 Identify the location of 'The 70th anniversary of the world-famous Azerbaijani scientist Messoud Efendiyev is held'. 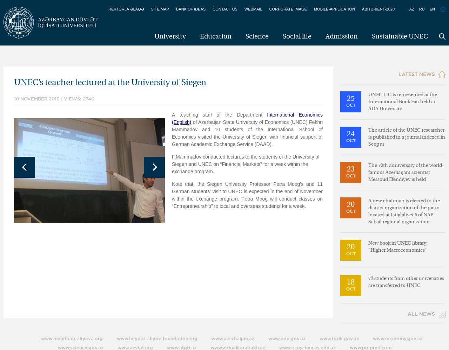
(406, 172).